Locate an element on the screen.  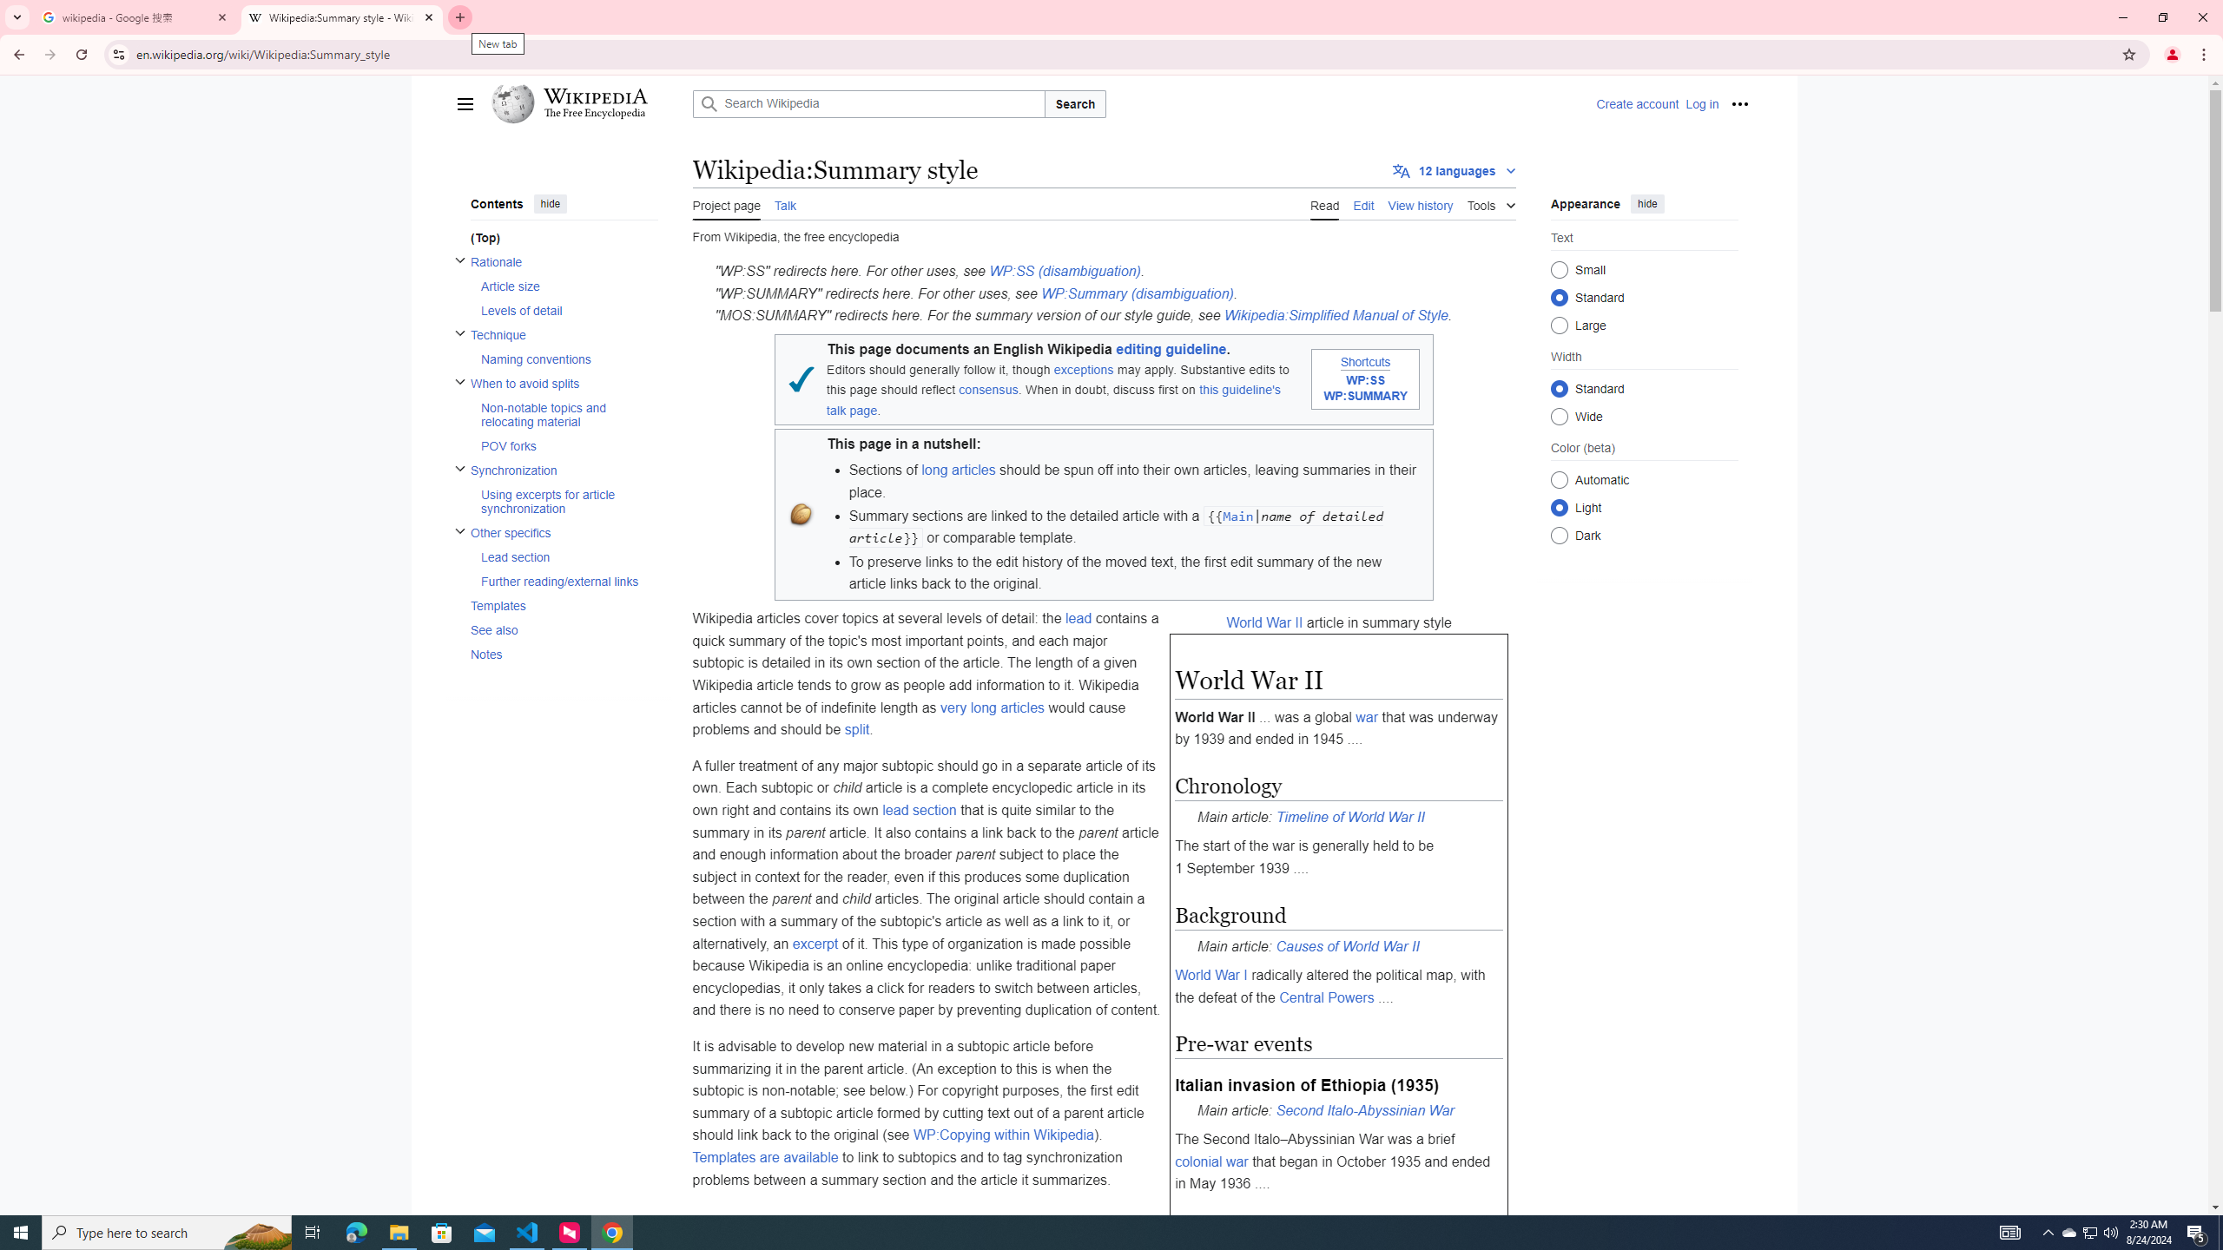
'AutomationID: toc-Lead_section' is located at coordinates (563, 556).